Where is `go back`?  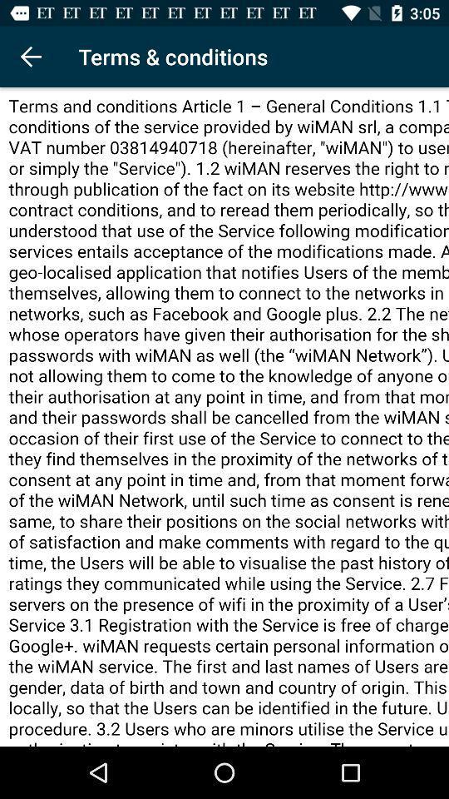
go back is located at coordinates (30, 57).